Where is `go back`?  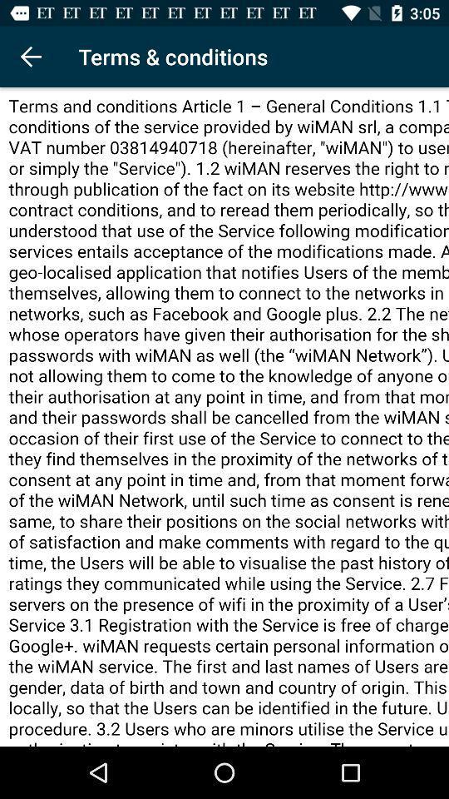
go back is located at coordinates (30, 57).